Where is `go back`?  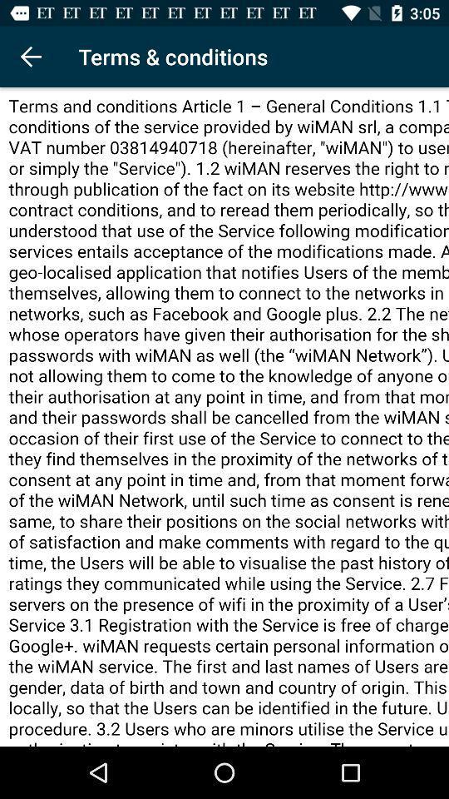
go back is located at coordinates (30, 57).